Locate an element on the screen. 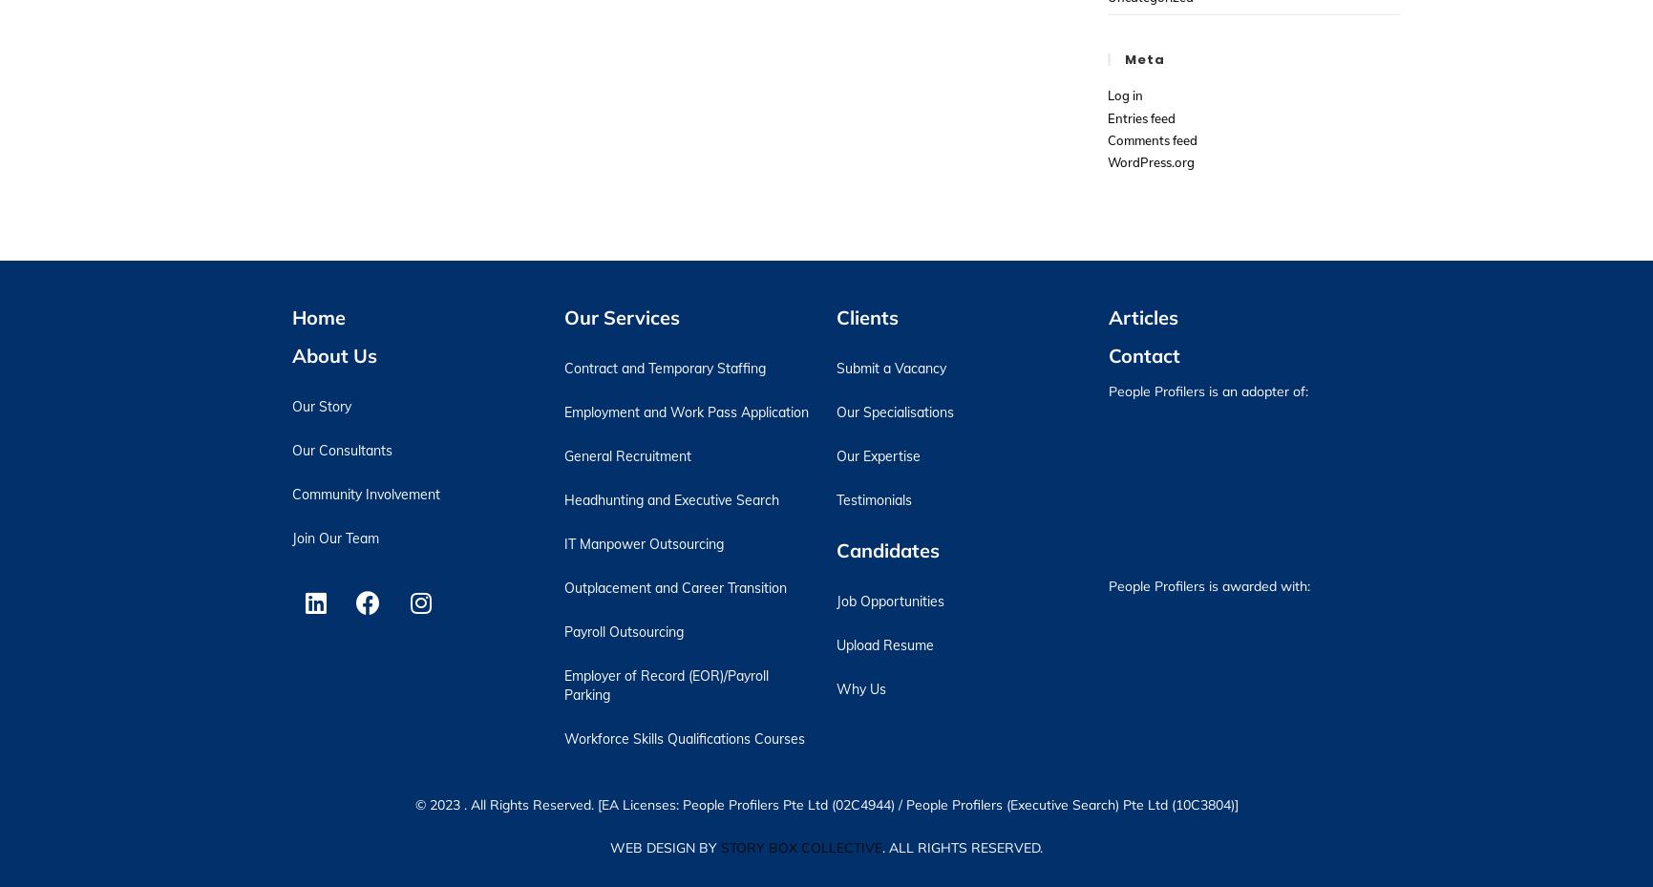 The height and width of the screenshot is (887, 1653). 'Meta' is located at coordinates (1124, 58).